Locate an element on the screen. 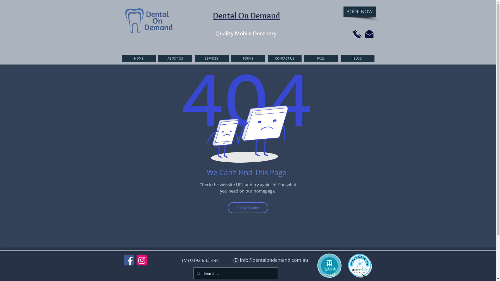  'Go Back Home' is located at coordinates (247, 207).